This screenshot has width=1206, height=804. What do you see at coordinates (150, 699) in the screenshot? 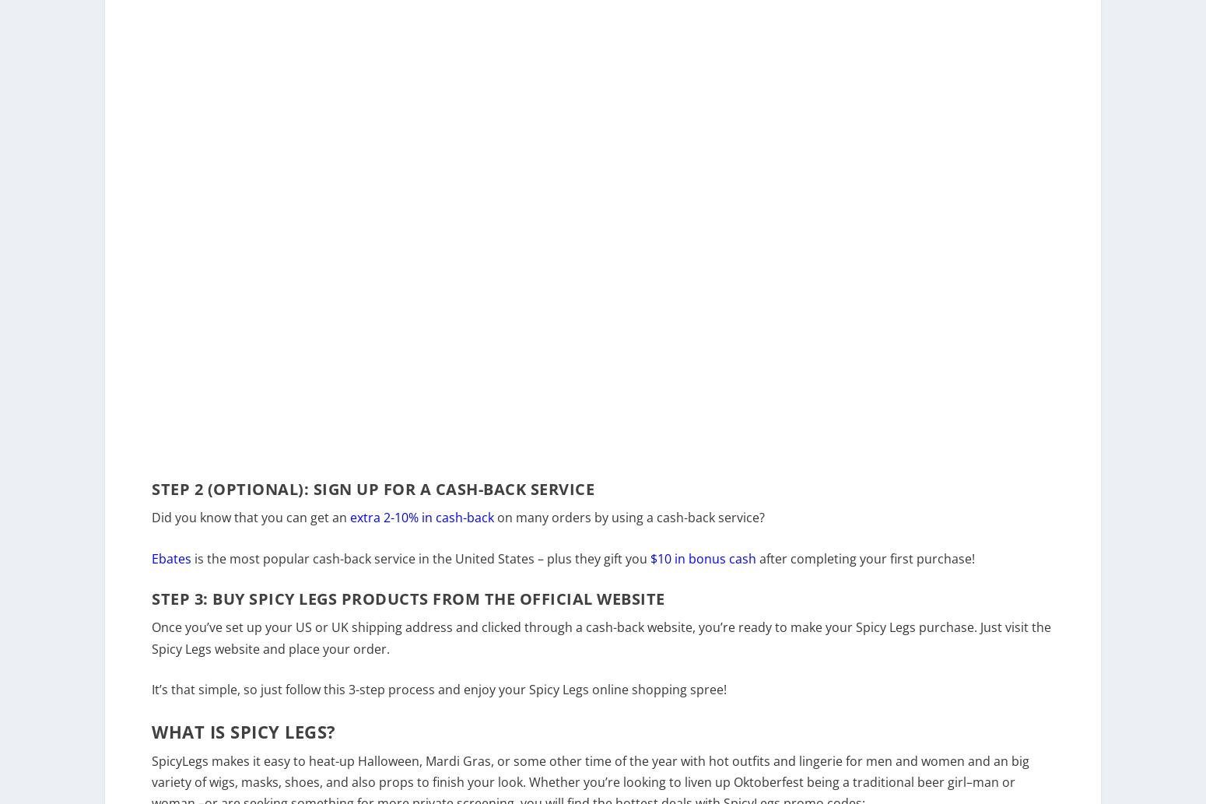
I see `'It’s that simple, so just follow this 3-step process and enjoy your Spicy Legs online shopping spree!'` at bounding box center [150, 699].